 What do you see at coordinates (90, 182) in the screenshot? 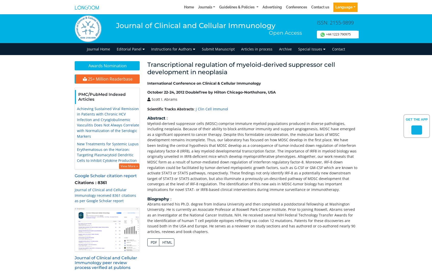
I see `'Citations : 8361'` at bounding box center [90, 182].